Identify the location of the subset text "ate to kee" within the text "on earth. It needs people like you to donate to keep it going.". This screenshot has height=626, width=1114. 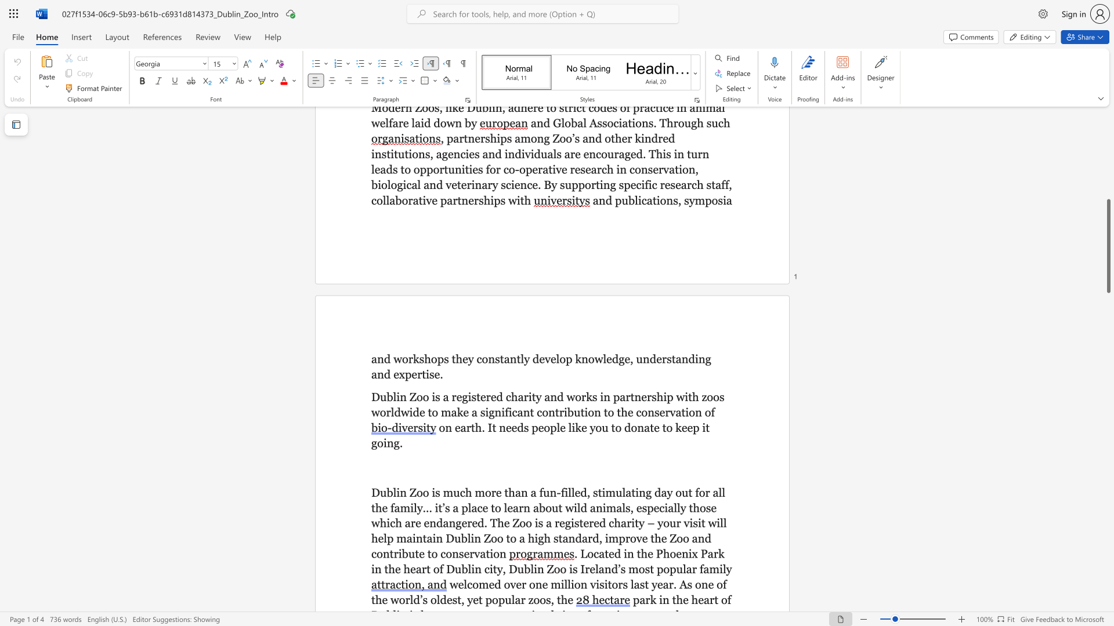
(643, 428).